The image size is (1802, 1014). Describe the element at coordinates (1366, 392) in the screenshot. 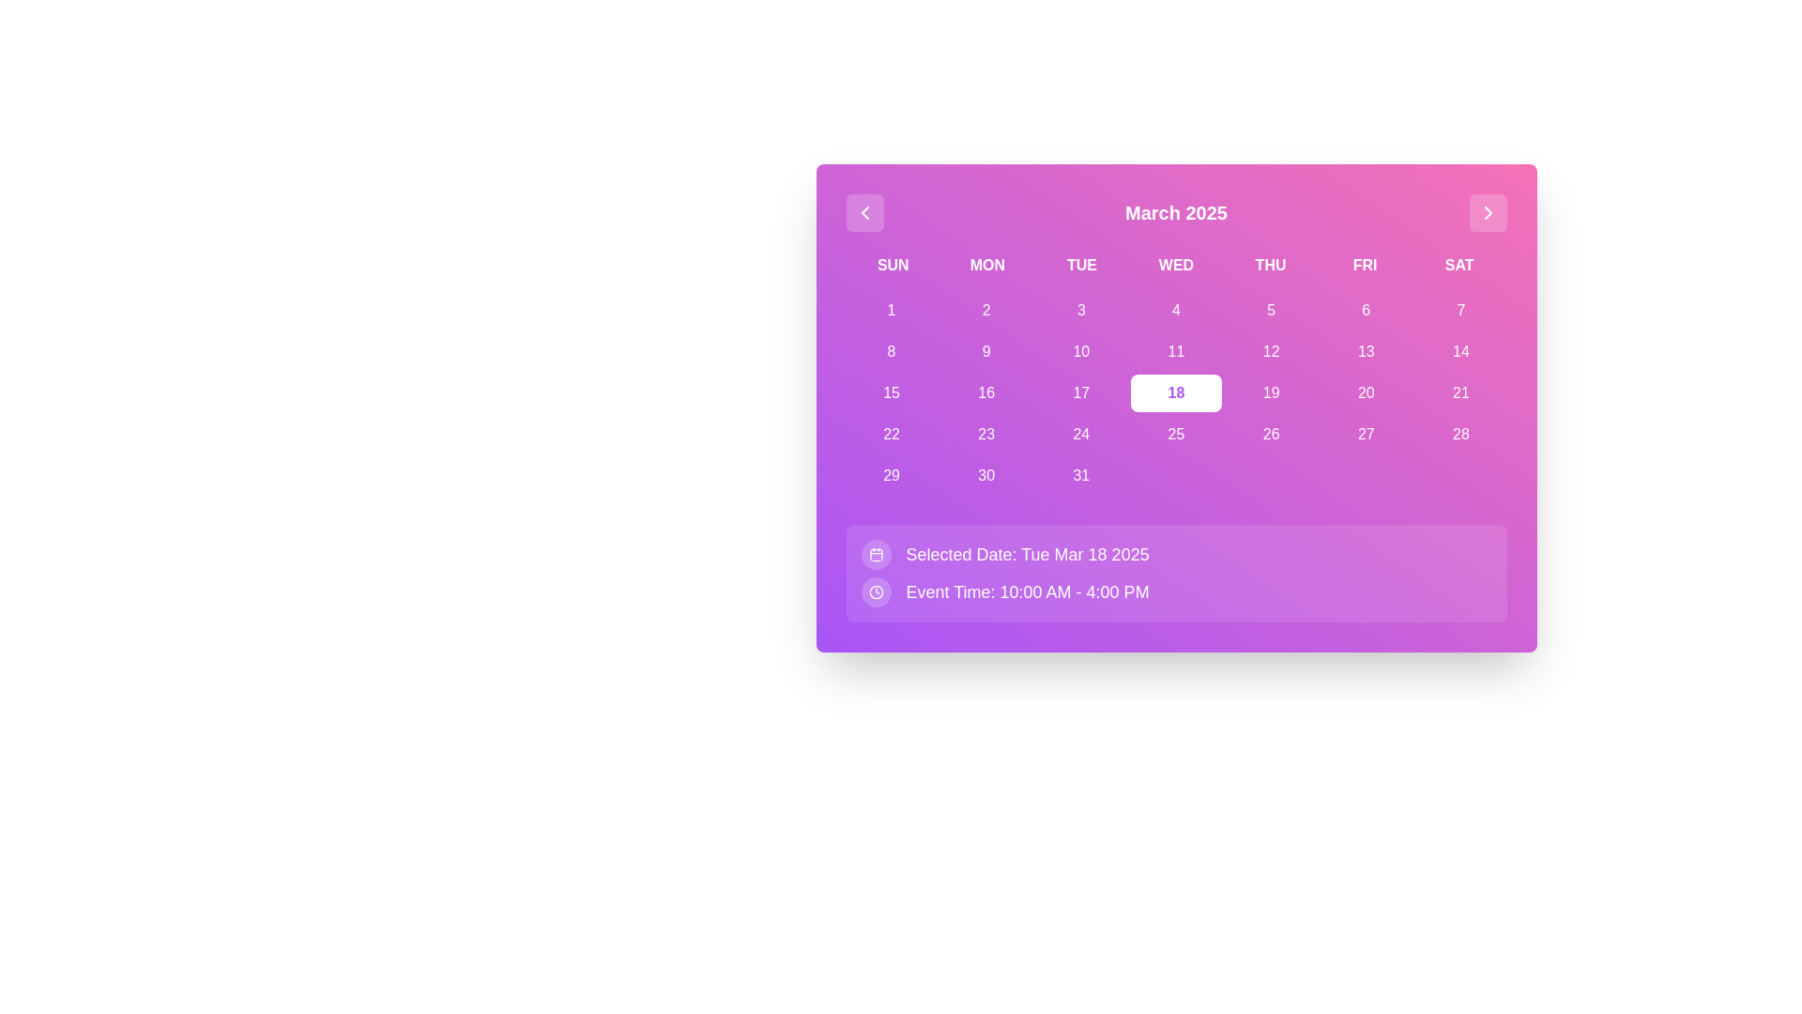

I see `the button representing the date '20' in the calendar grid` at that location.